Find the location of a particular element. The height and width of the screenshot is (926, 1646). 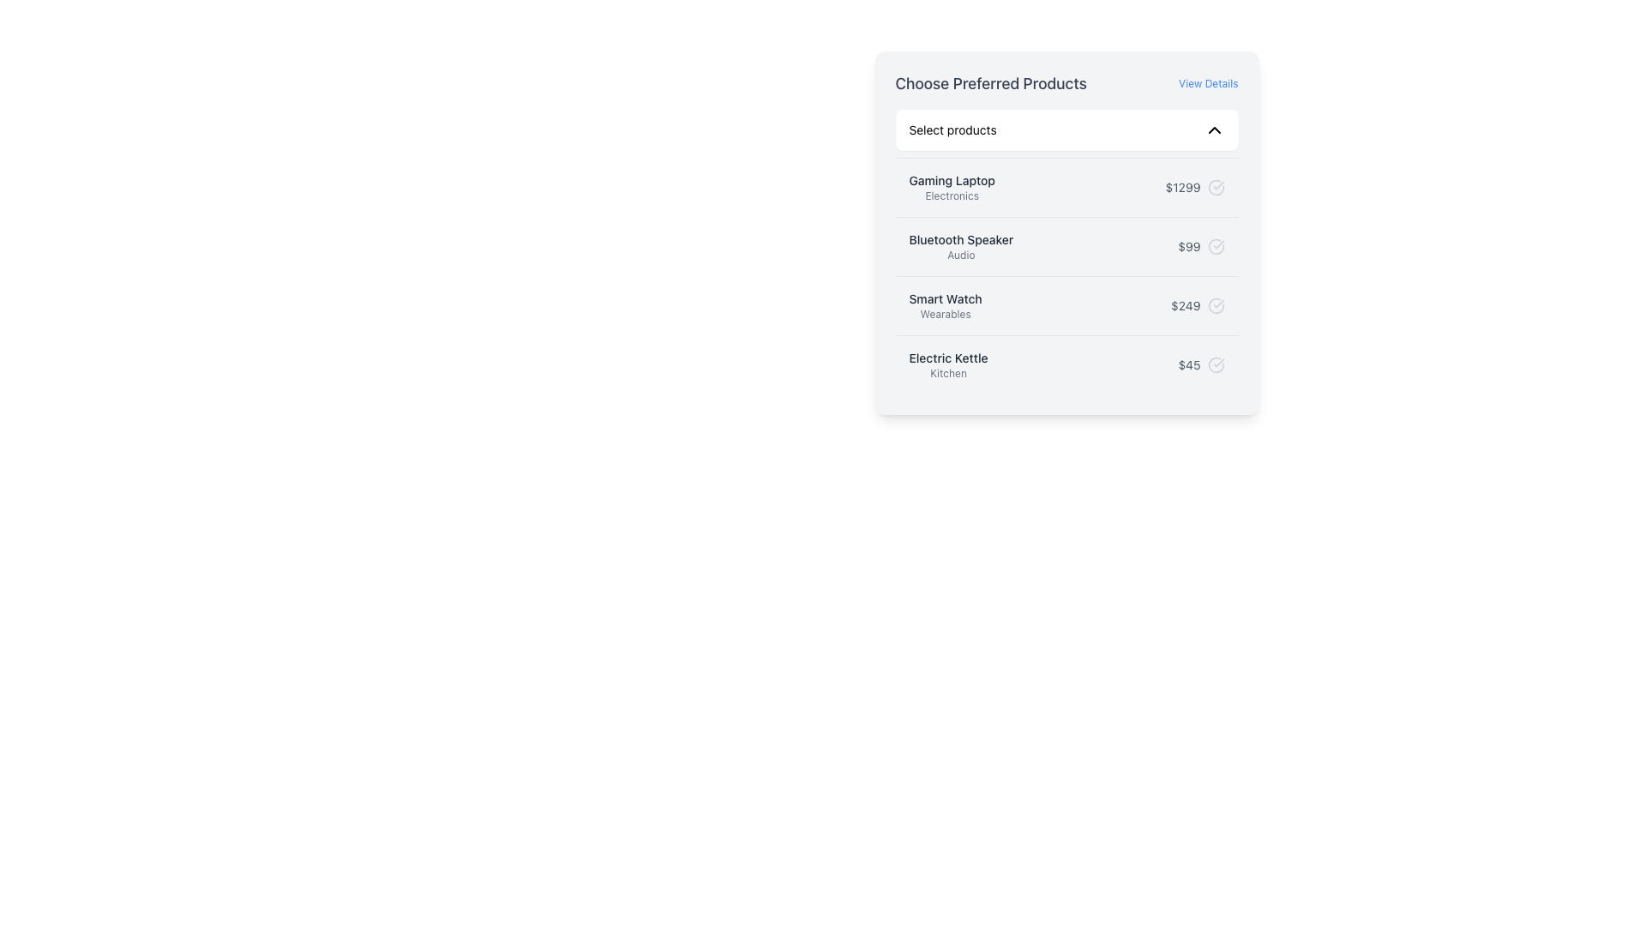

the text information of the product labeled 'Smart Watch' and categorized under 'Wearables' in the third row of the product menu is located at coordinates (945, 305).